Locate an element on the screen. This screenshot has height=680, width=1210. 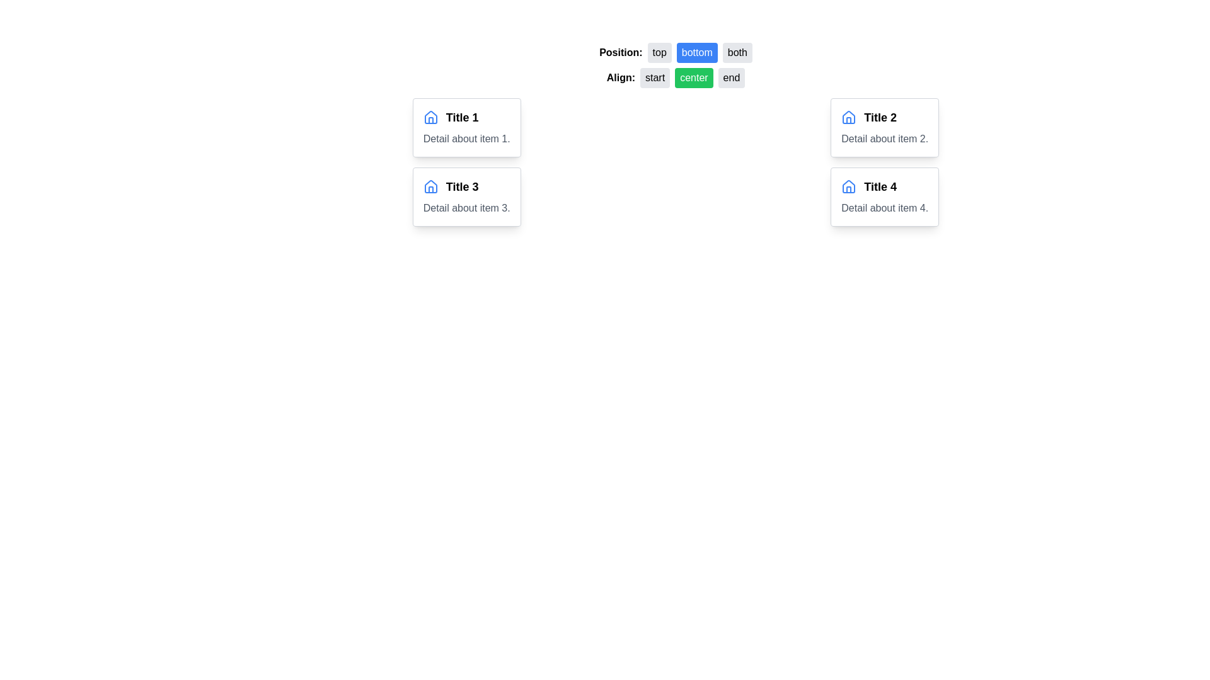
the Interactive control group with buttons to confirm a selection is located at coordinates (675, 65).